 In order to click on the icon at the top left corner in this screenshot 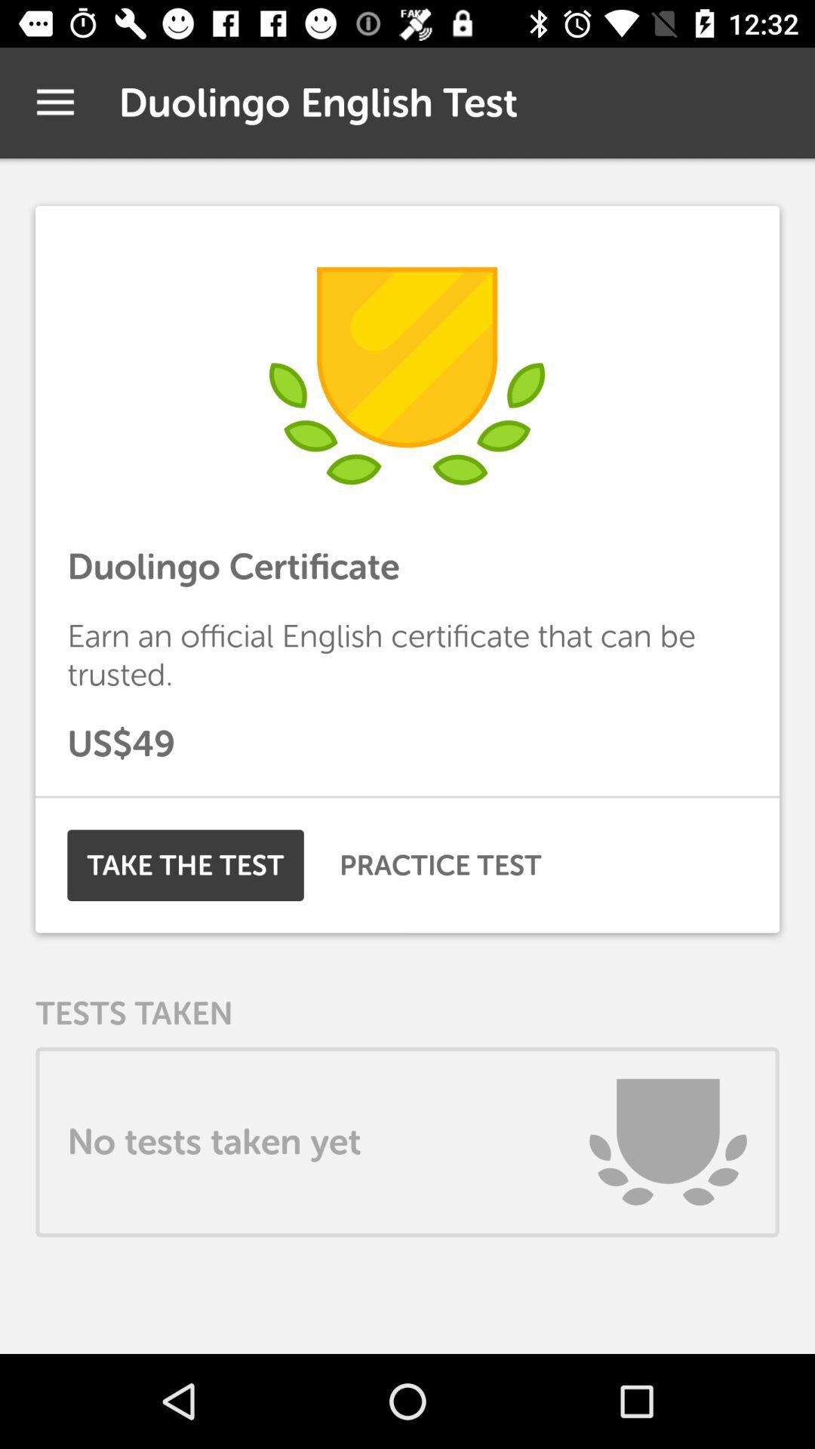, I will do `click(54, 102)`.